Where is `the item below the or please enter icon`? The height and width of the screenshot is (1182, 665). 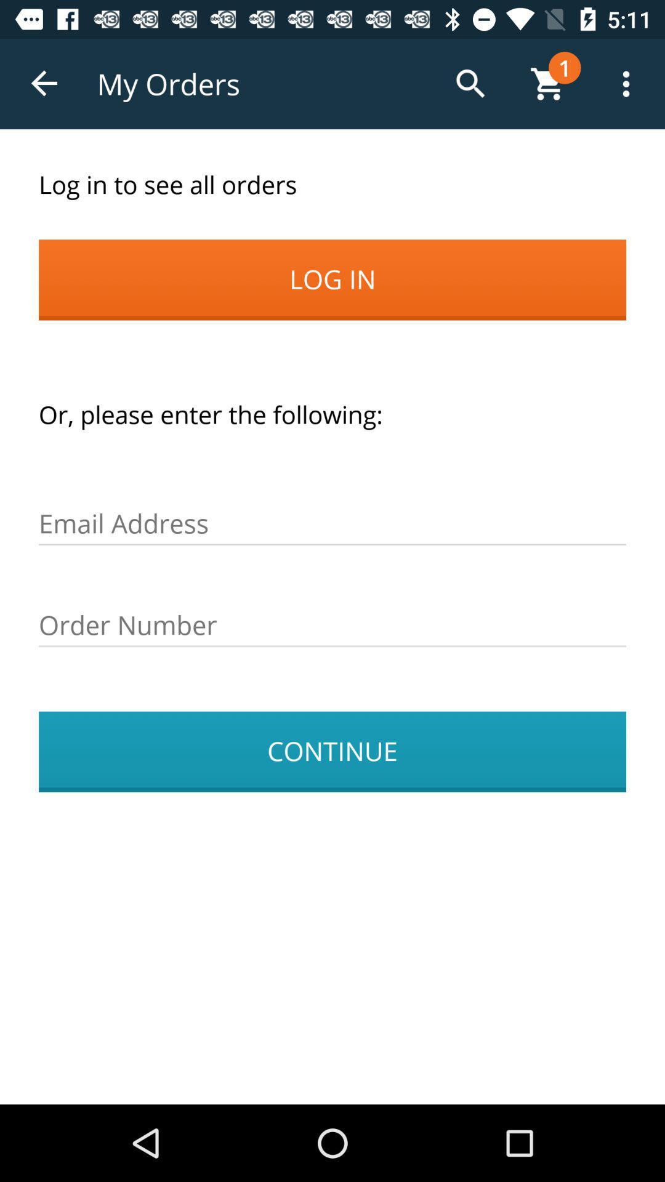
the item below the or please enter icon is located at coordinates (332, 524).